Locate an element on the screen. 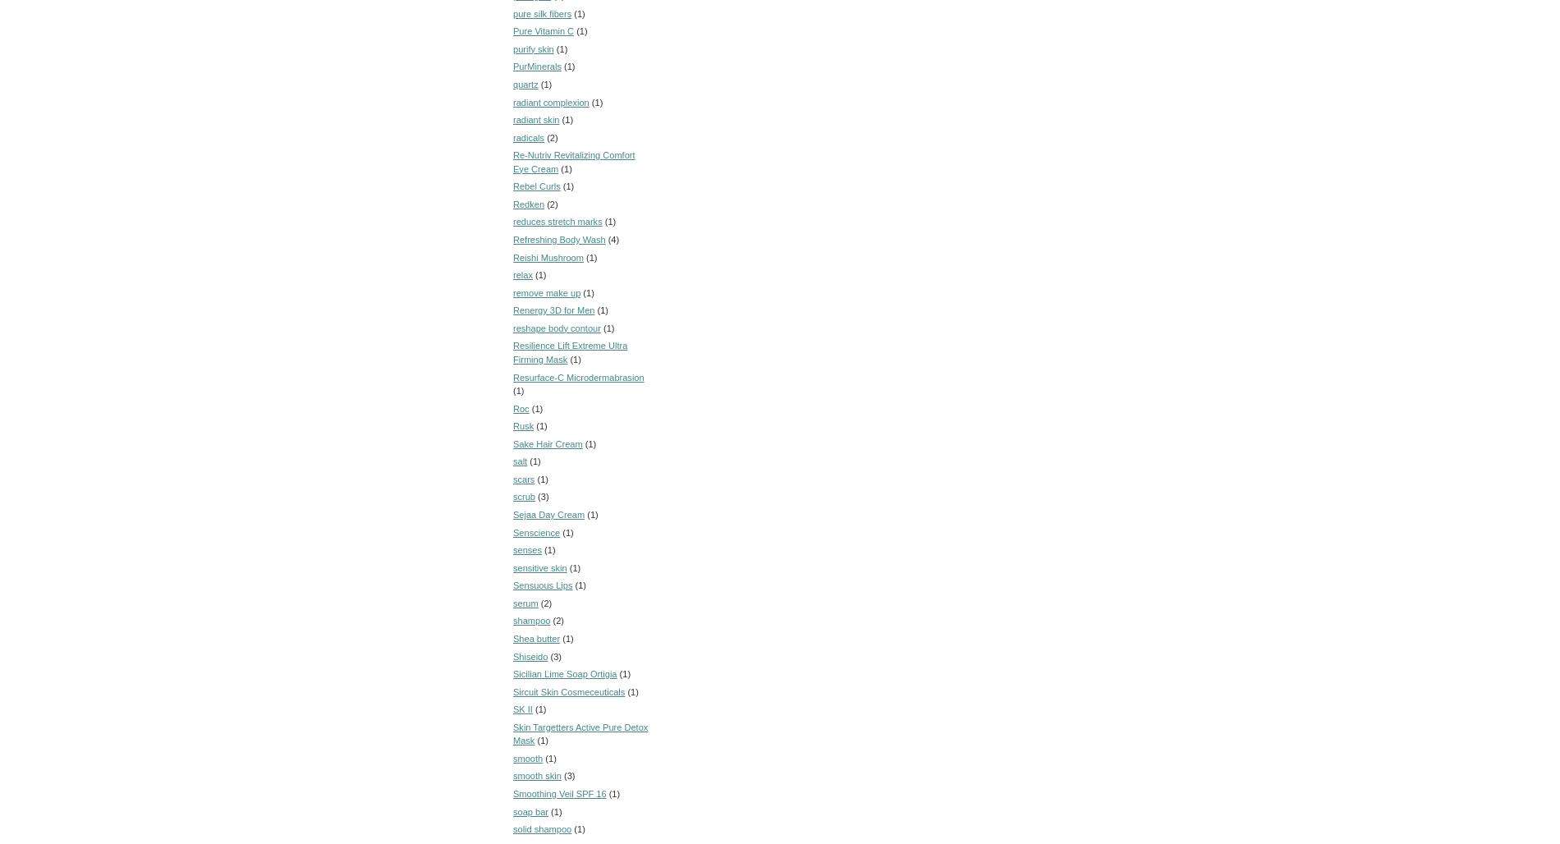 Image resolution: width=1560 pixels, height=844 pixels. 'reshape body contour' is located at coordinates (556, 327).